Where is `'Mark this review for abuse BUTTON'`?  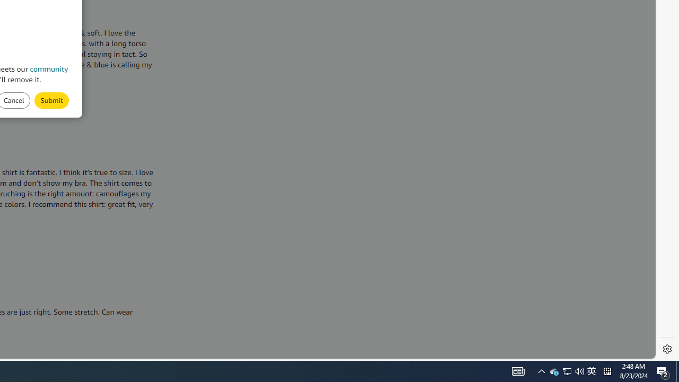 'Mark this review for abuse BUTTON' is located at coordinates (51, 100).